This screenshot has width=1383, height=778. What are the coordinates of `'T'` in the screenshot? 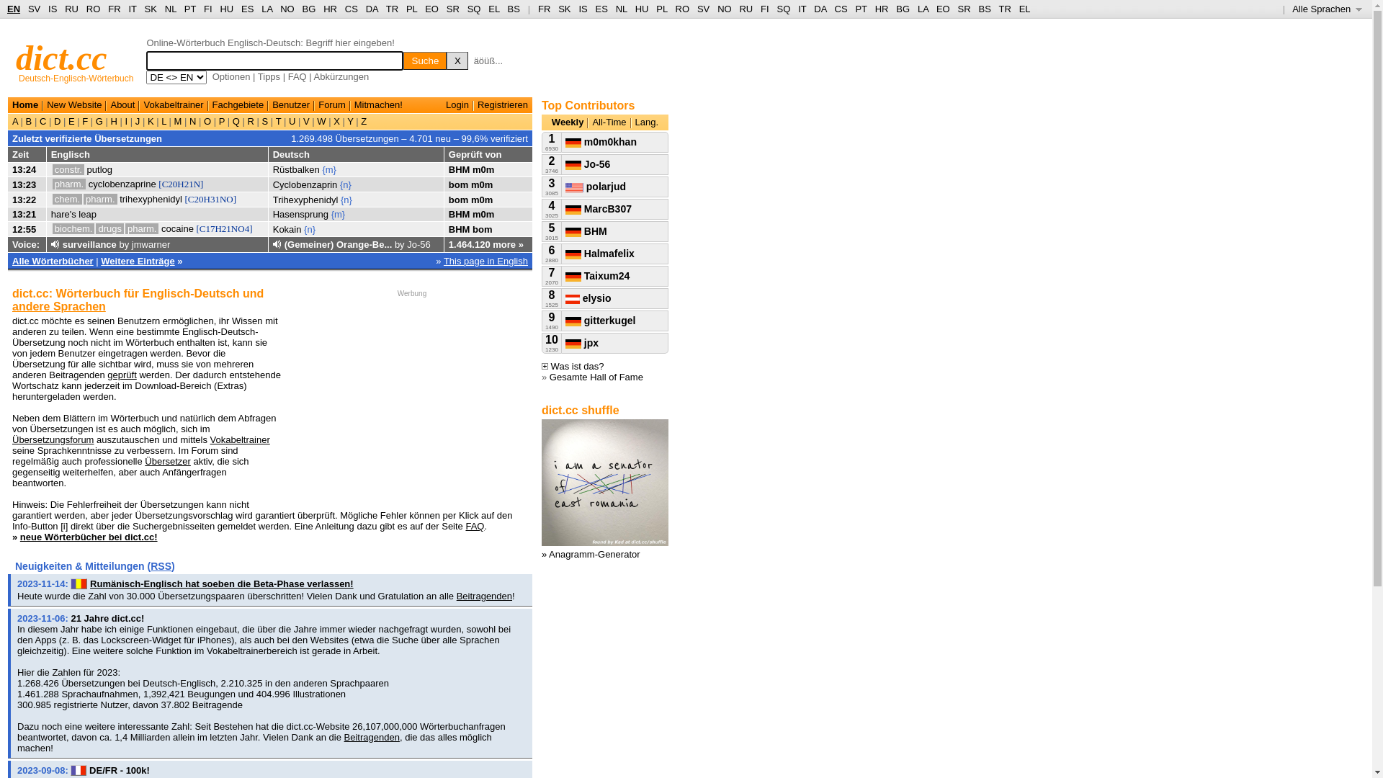 It's located at (278, 120).